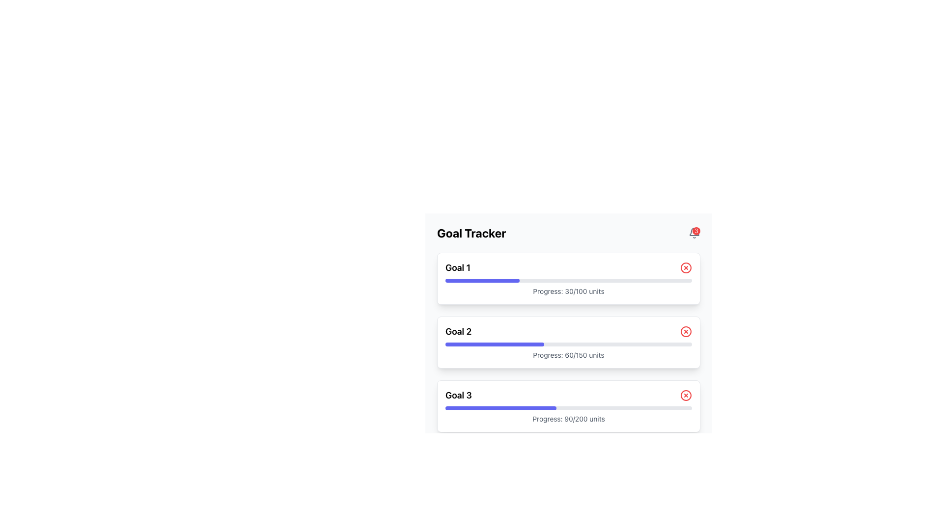  Describe the element at coordinates (568, 344) in the screenshot. I see `the progress bar representing 'Goal 2', which visually indicates a completion level of 60 out of 150 units` at that location.